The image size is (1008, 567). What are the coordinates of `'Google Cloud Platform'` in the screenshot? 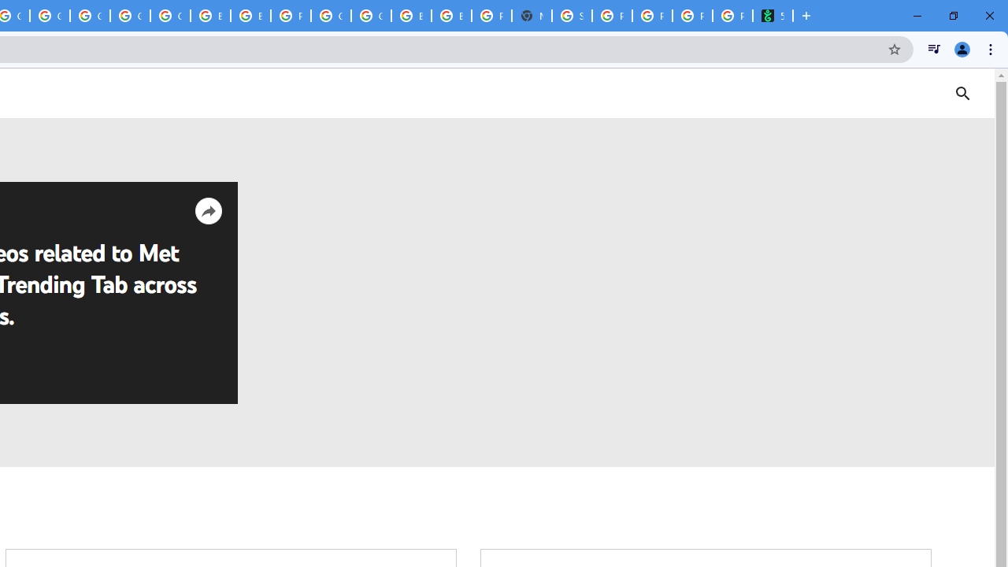 It's located at (330, 16).